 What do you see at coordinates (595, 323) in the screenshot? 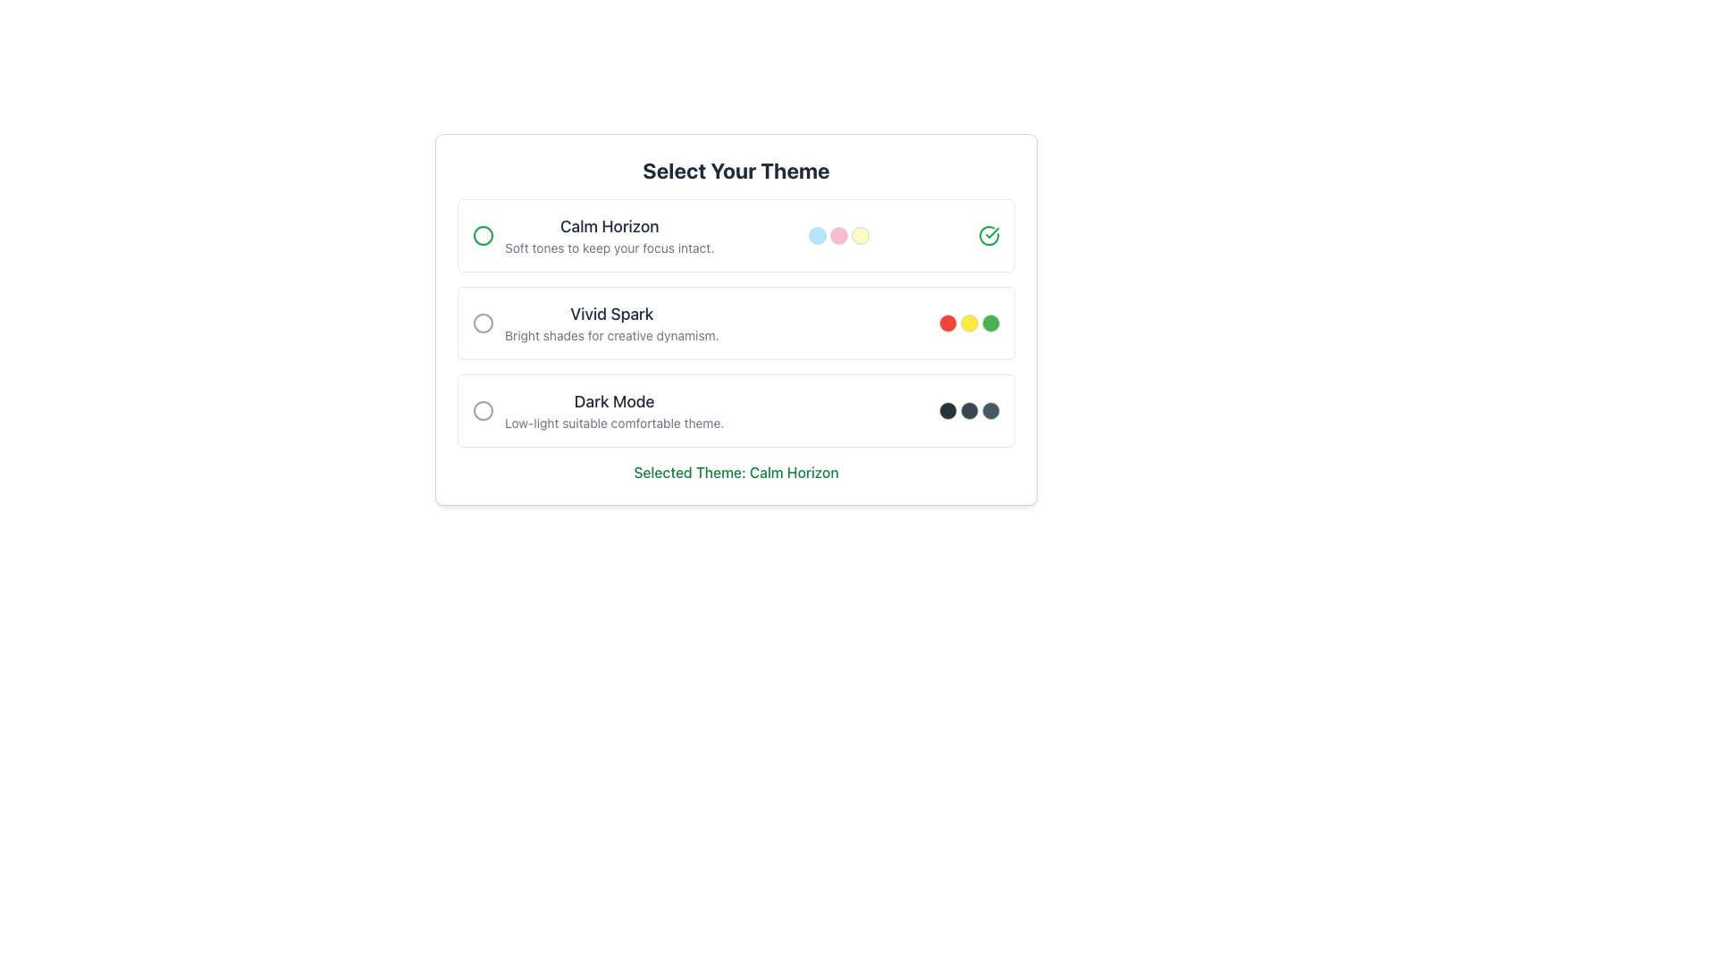
I see `the static text element displaying the name and description of an available theme option, which is the second option in a list of selectable themes` at bounding box center [595, 323].